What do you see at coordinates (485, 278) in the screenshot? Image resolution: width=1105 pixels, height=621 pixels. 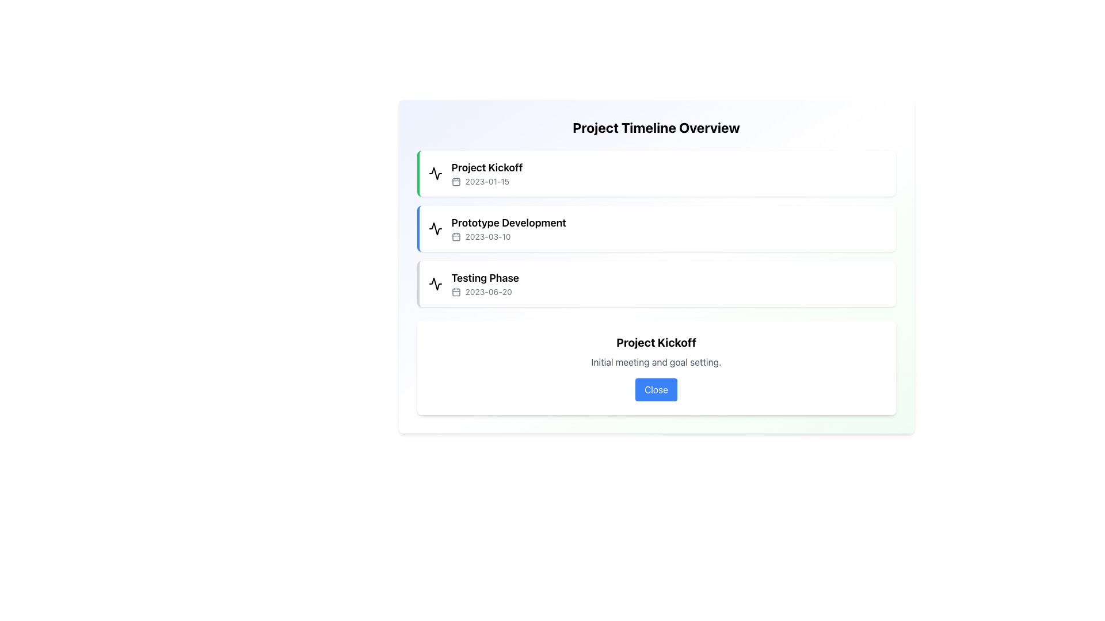 I see `the Text Label for the timeline entry labeled 'Testing Phase', which serves as the primary title for this phase in the timeline` at bounding box center [485, 278].